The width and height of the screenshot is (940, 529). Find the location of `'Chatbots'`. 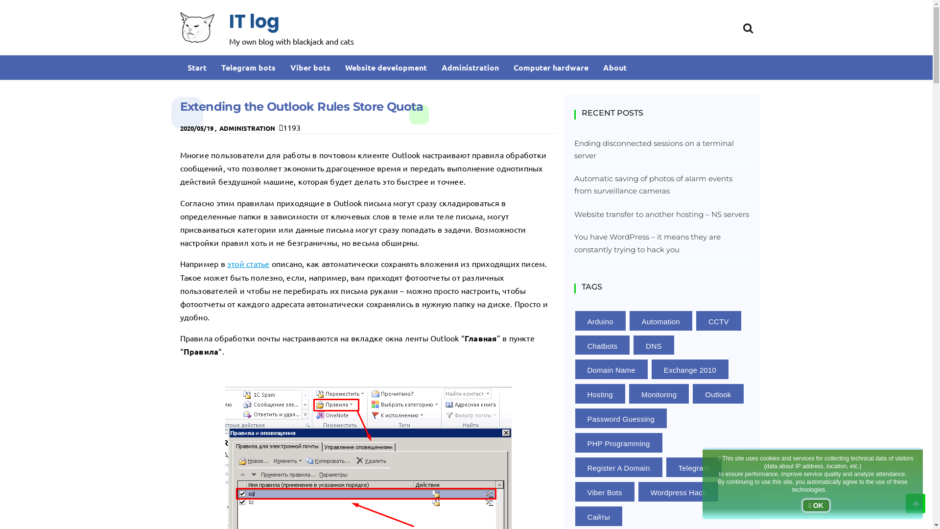

'Chatbots' is located at coordinates (575, 345).